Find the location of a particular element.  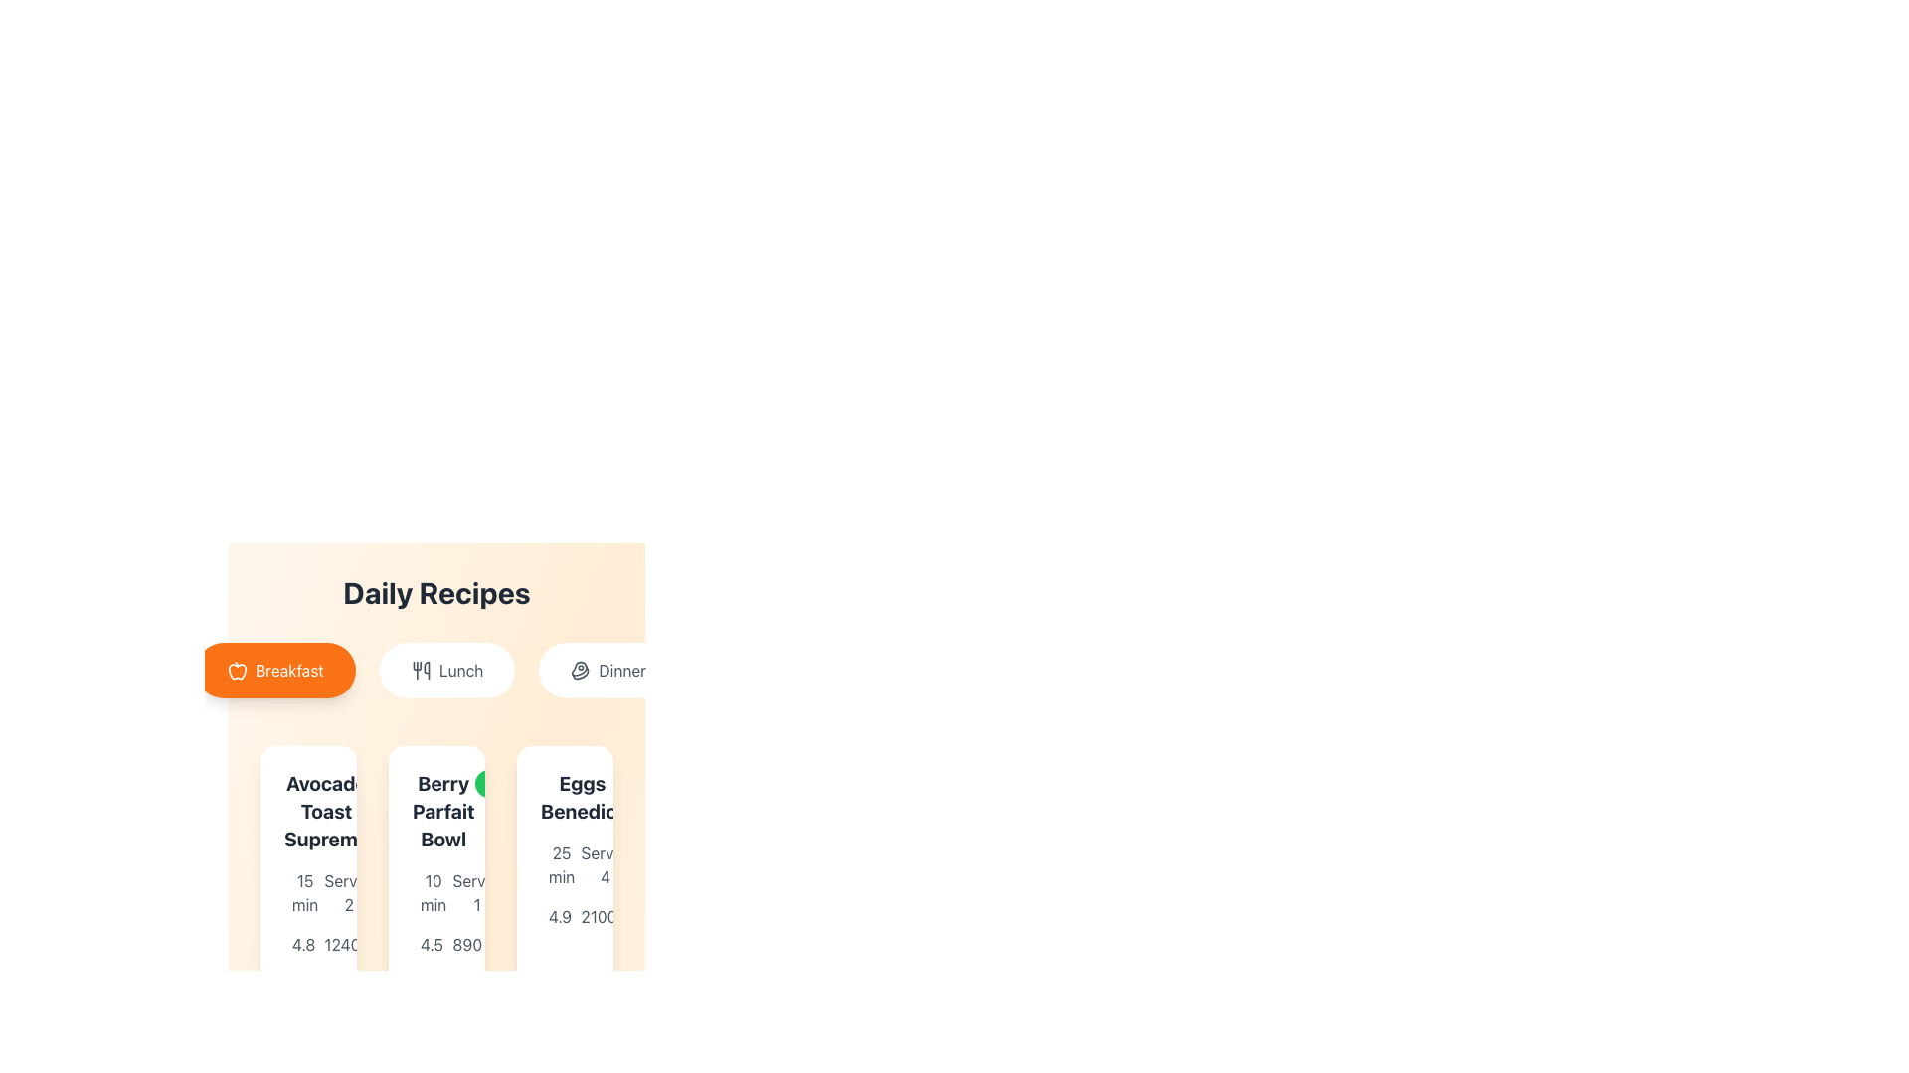

the text display showing '2100' is located at coordinates (598, 916).